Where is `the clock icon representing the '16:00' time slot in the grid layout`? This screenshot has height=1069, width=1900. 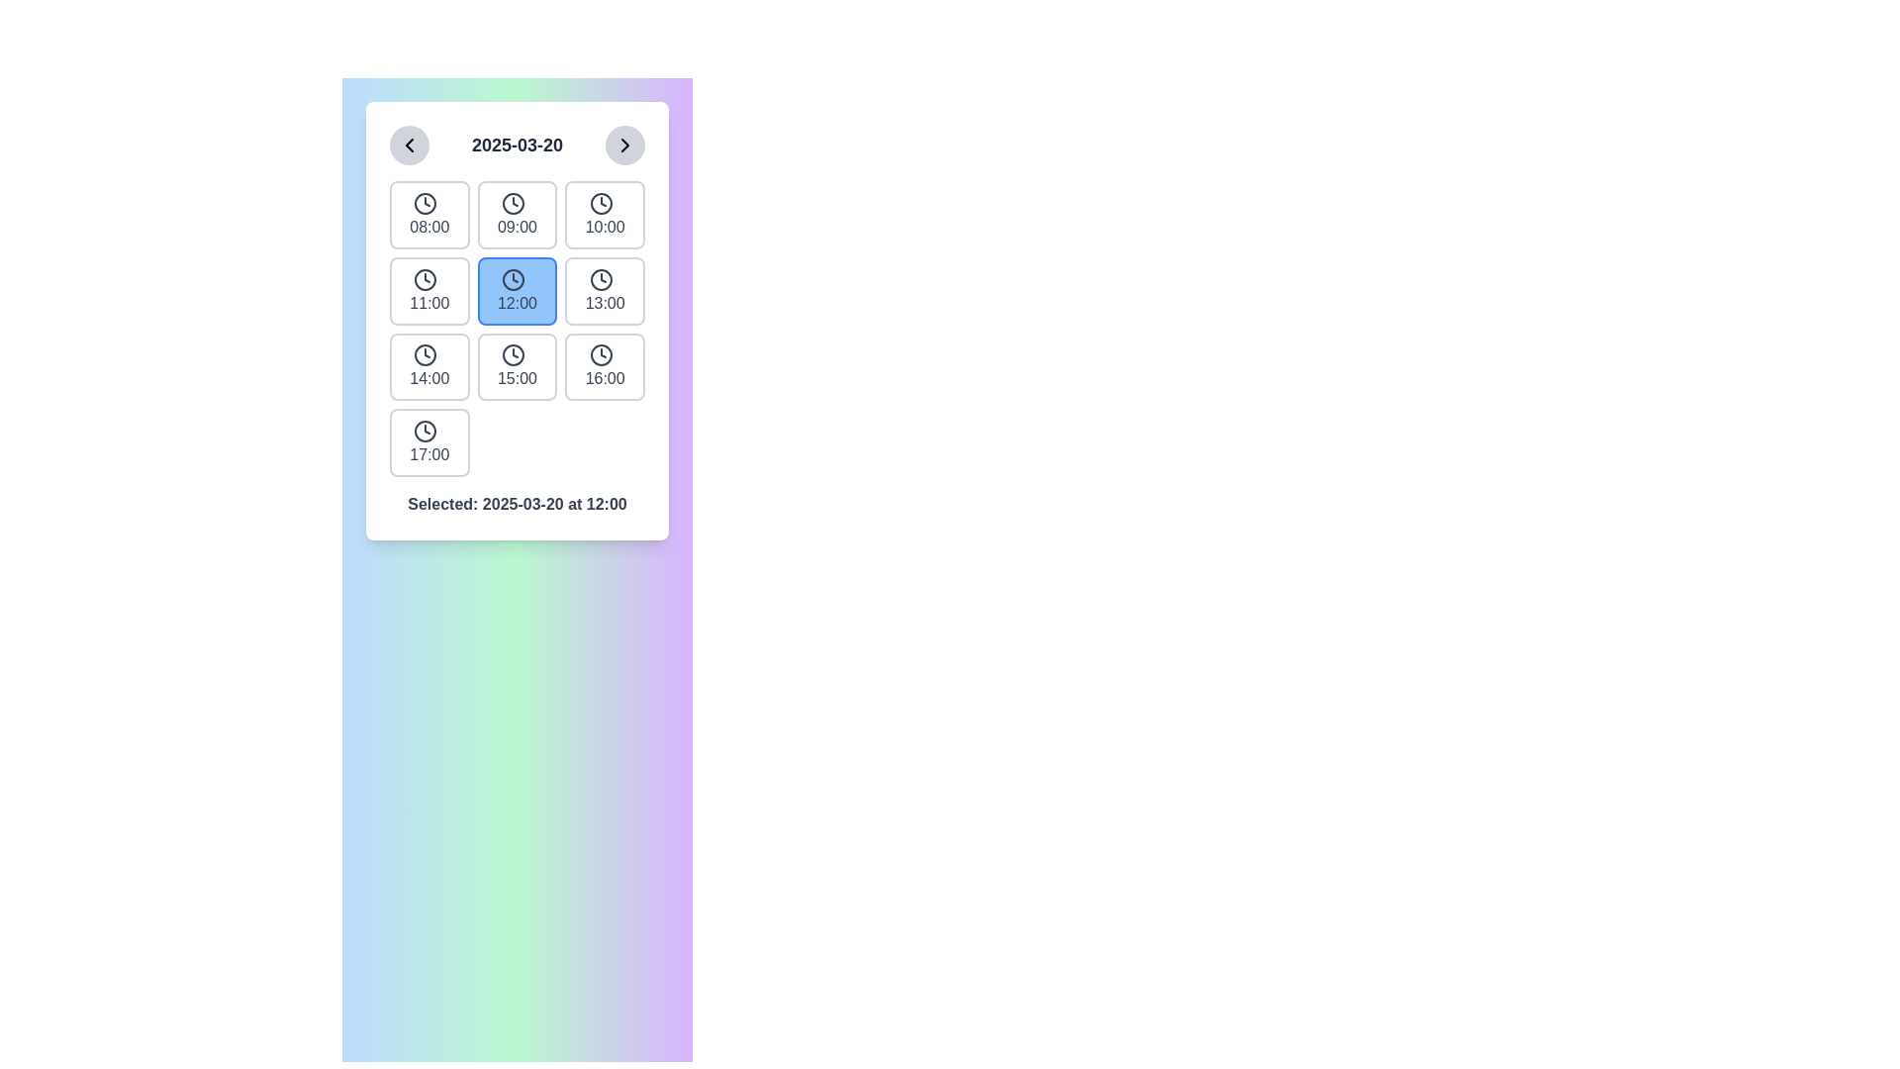
the clock icon representing the '16:00' time slot in the grid layout is located at coordinates (600, 354).